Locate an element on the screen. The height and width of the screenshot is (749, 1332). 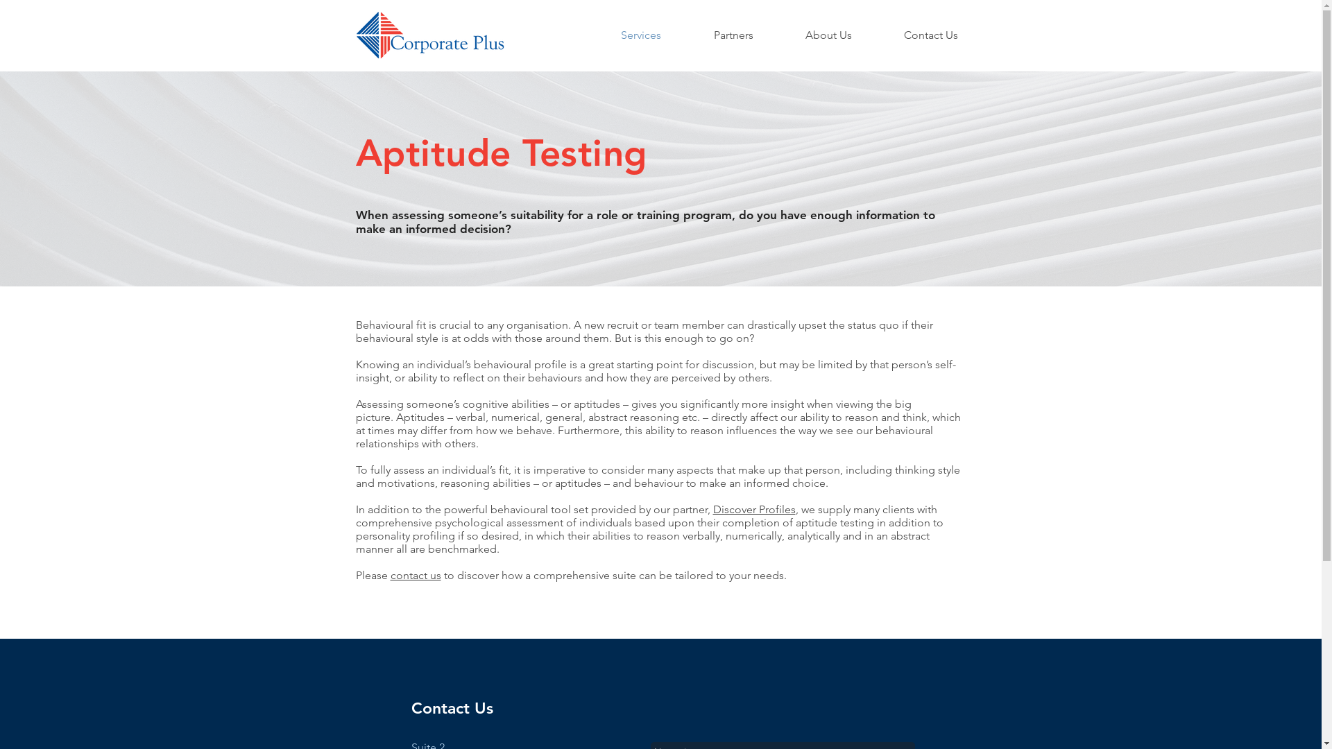
'Discover Profiles' is located at coordinates (753, 509).